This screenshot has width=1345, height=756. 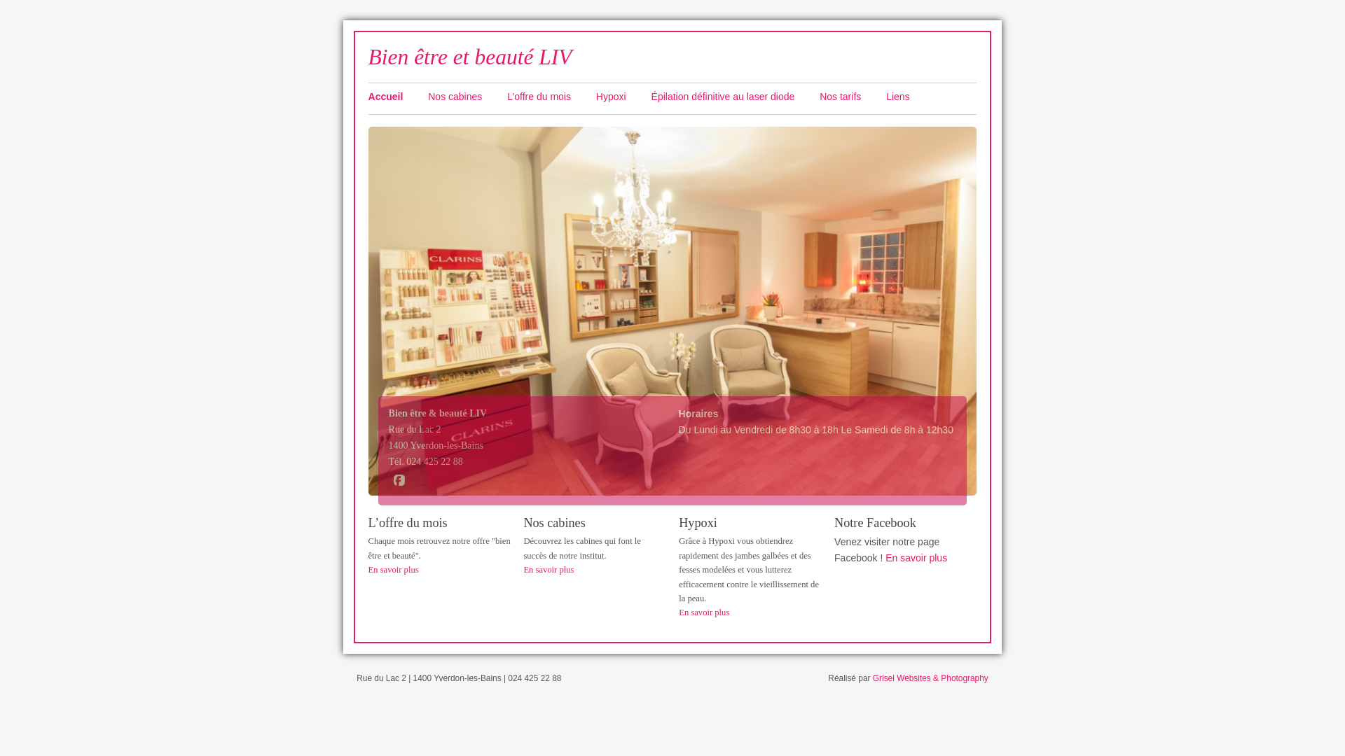 I want to click on 'Grisel Websites & Photography', so click(x=930, y=677).